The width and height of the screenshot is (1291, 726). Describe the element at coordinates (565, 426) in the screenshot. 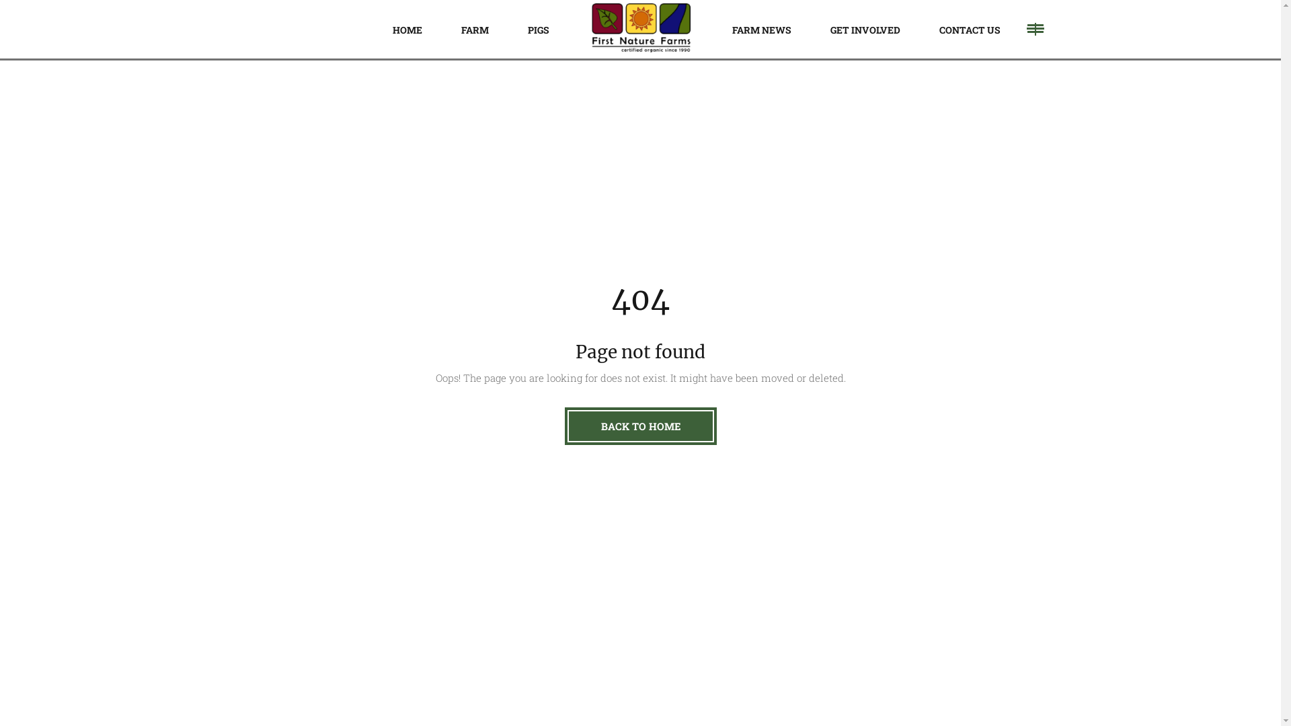

I see `'BACK TO HOME'` at that location.